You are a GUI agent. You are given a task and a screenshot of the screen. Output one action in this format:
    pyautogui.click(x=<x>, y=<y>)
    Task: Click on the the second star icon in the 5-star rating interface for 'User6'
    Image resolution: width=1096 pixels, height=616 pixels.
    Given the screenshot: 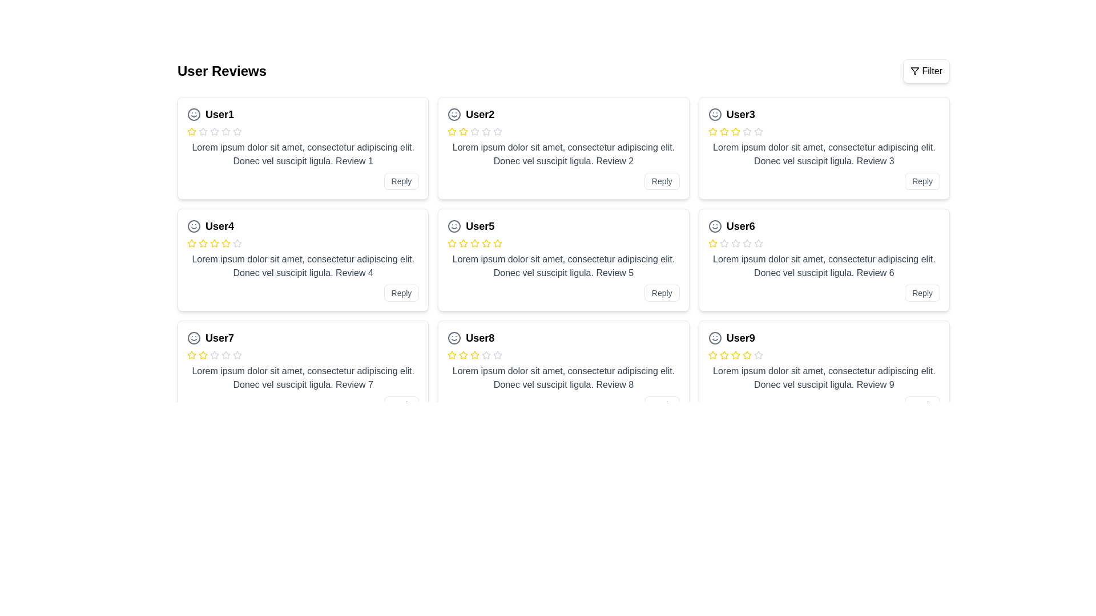 What is the action you would take?
    pyautogui.click(x=723, y=242)
    